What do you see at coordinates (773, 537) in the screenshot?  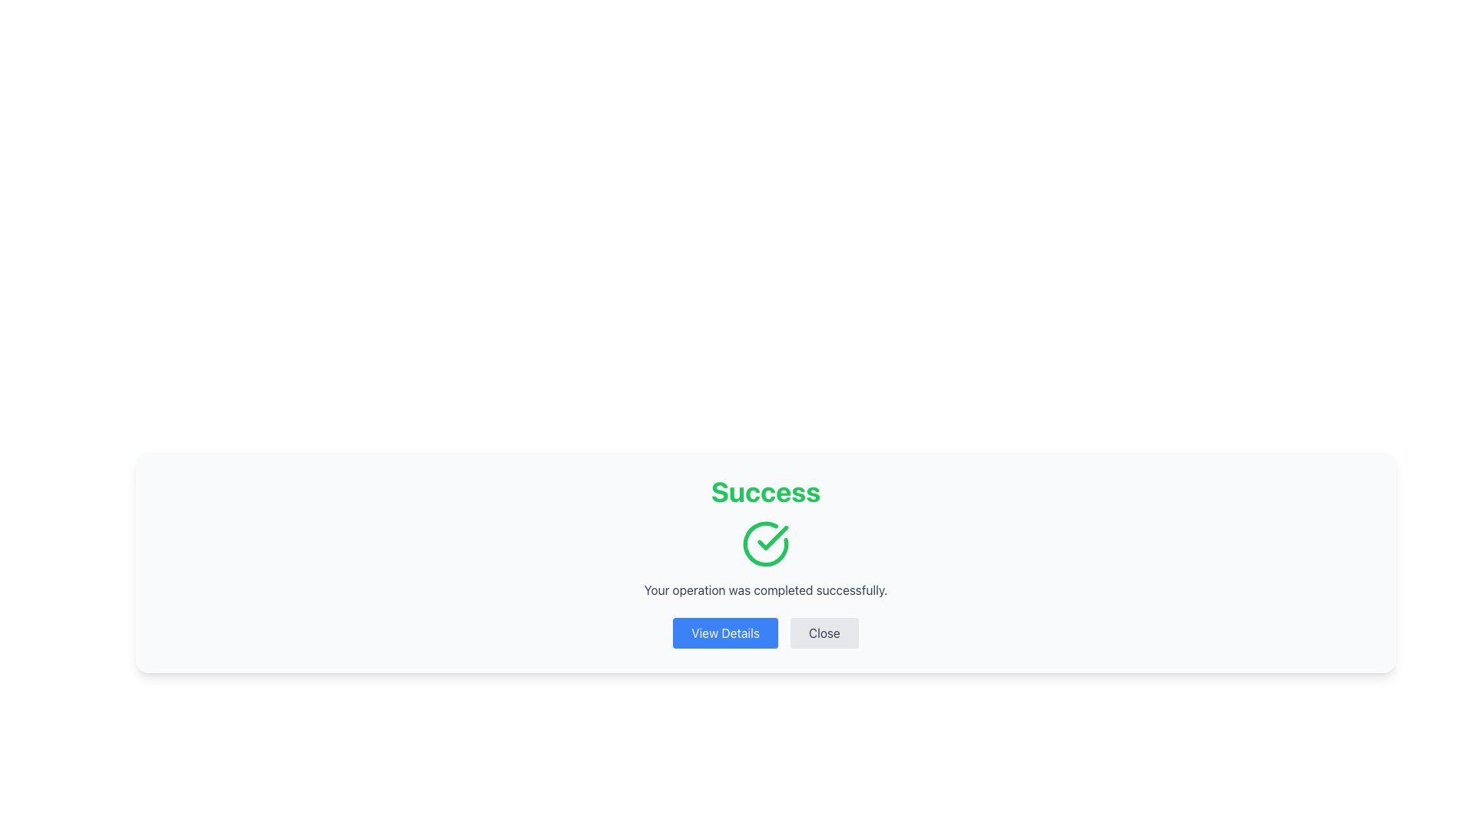 I see `the checkmark icon indicating a successful operation, located near the top-middle of the interface within a circular frame` at bounding box center [773, 537].